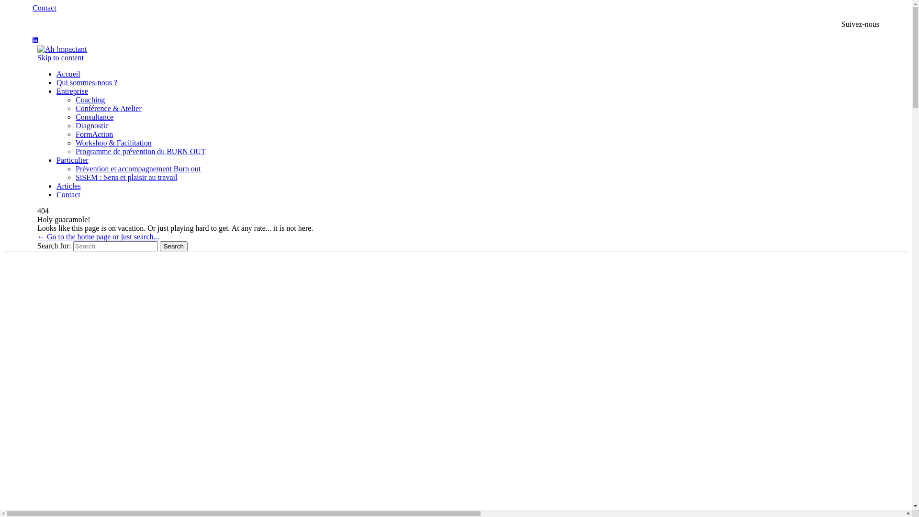  What do you see at coordinates (94, 116) in the screenshot?
I see `'Consultance'` at bounding box center [94, 116].